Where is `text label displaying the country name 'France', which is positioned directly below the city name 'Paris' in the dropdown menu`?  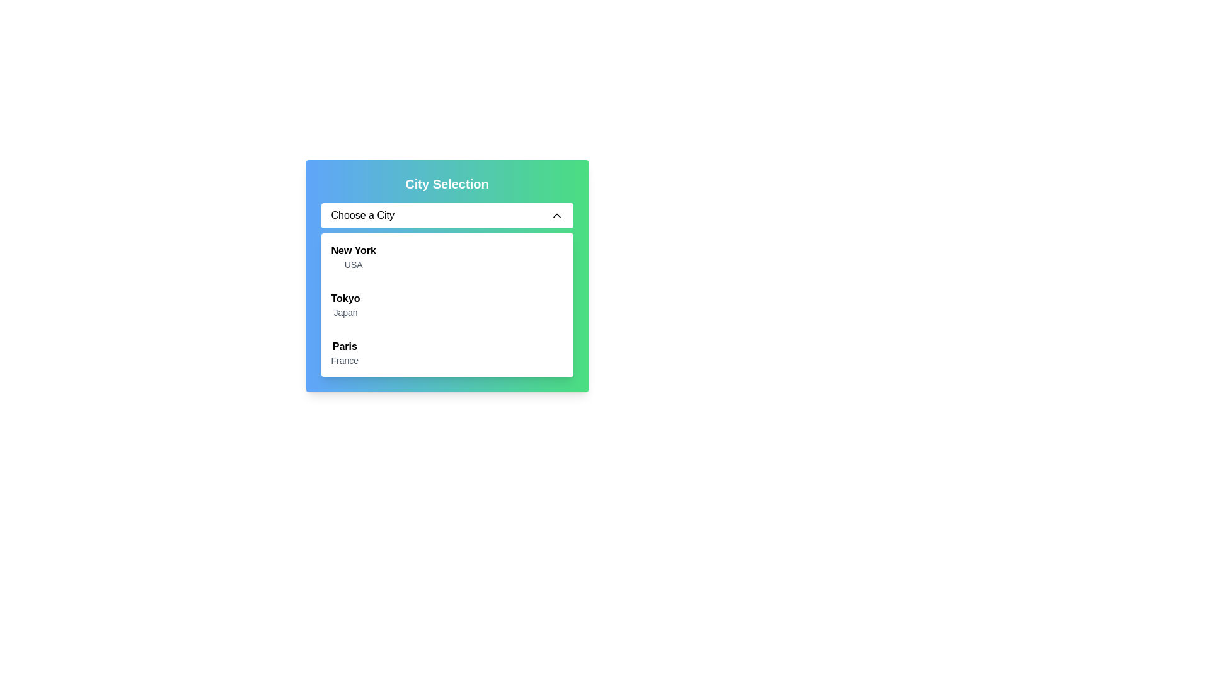 text label displaying the country name 'France', which is positioned directly below the city name 'Paris' in the dropdown menu is located at coordinates (345, 360).